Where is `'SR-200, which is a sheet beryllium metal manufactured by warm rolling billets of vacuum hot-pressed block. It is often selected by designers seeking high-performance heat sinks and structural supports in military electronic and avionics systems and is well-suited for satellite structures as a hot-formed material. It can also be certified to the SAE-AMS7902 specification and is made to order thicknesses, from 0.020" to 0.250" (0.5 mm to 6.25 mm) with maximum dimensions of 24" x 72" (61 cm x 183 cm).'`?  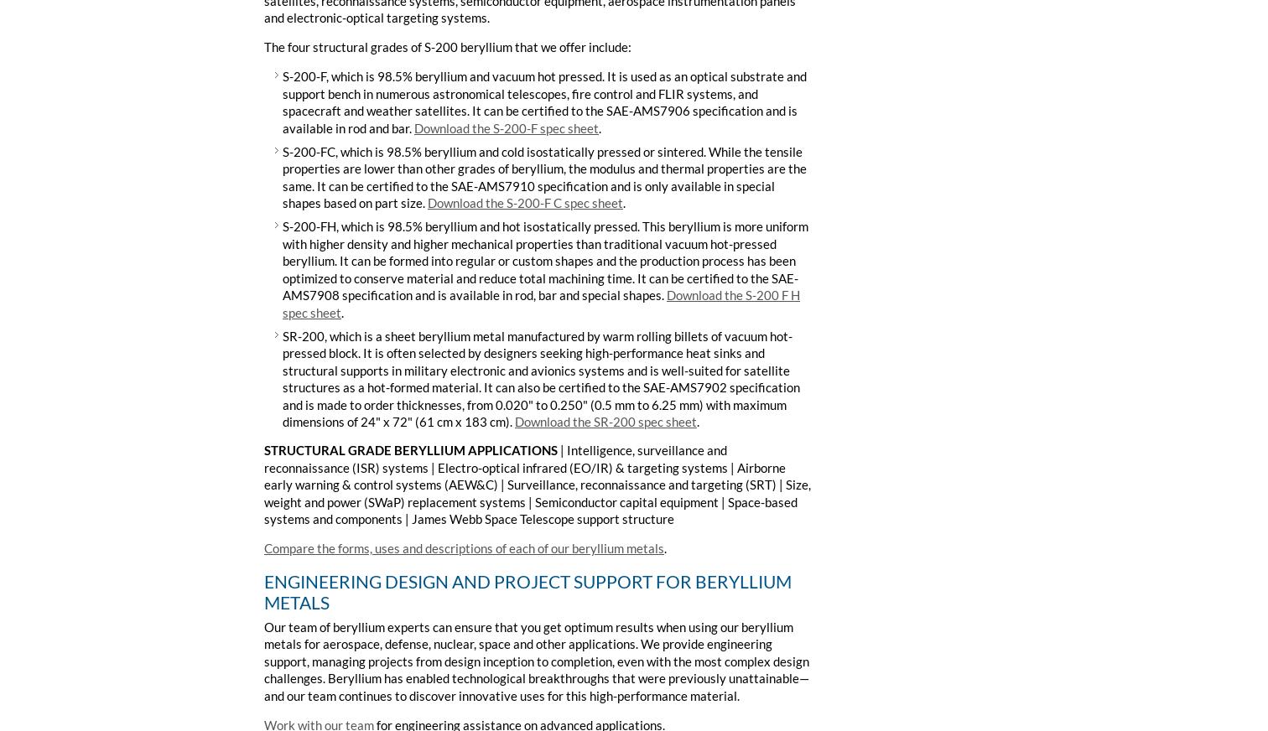 'SR-200, which is a sheet beryllium metal manufactured by warm rolling billets of vacuum hot-pressed block. It is often selected by designers seeking high-performance heat sinks and structural supports in military electronic and avionics systems and is well-suited for satellite structures as a hot-formed material. It can also be certified to the SAE-AMS7902 specification and is made to order thicknesses, from 0.020" to 0.250" (0.5 mm to 6.25 mm) with maximum dimensions of 24" x 72" (61 cm x 183 cm).' is located at coordinates (541, 377).